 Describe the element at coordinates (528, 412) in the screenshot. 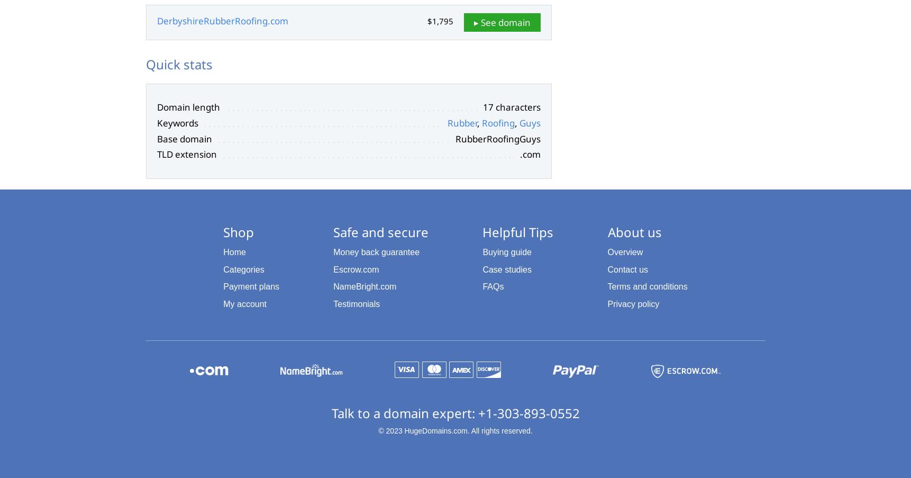

I see `'+1-303-893-0552'` at that location.